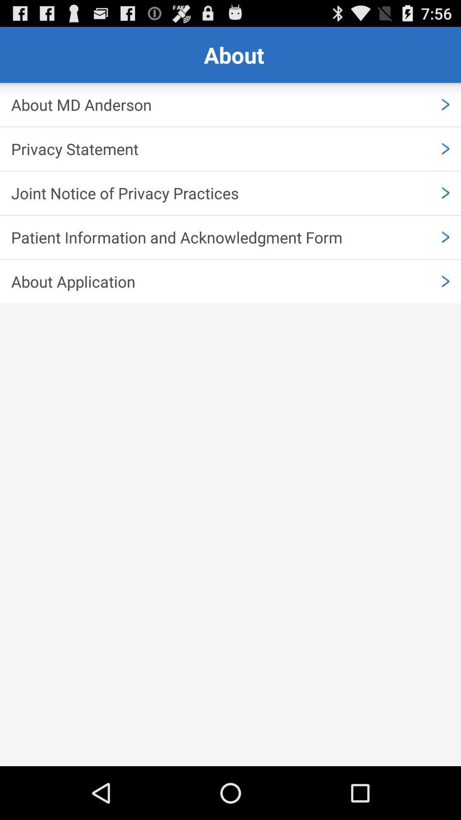 The image size is (461, 820). Describe the element at coordinates (230, 104) in the screenshot. I see `item above the privacy statement icon` at that location.